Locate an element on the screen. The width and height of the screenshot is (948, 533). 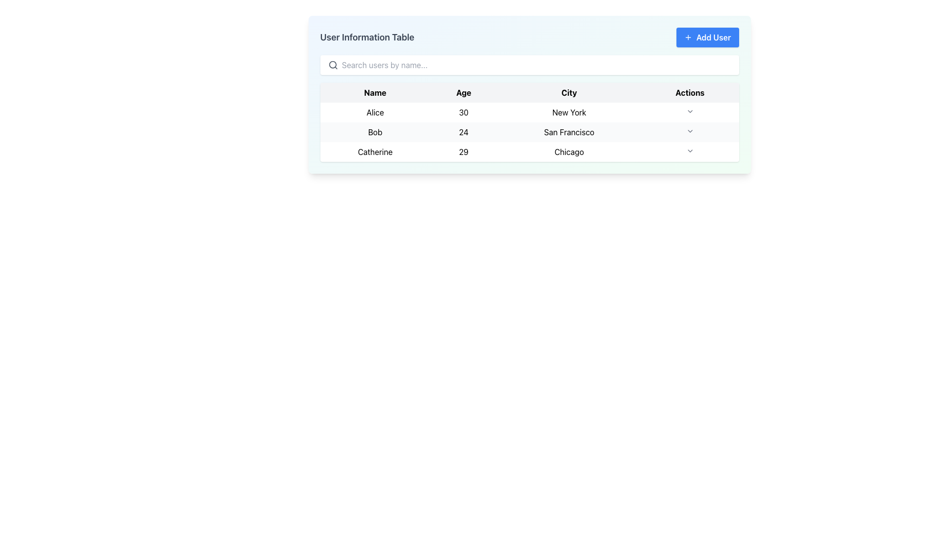
the first table row containing user data for 'Alice', age '30', and city 'New York' in the user information table is located at coordinates (529, 112).